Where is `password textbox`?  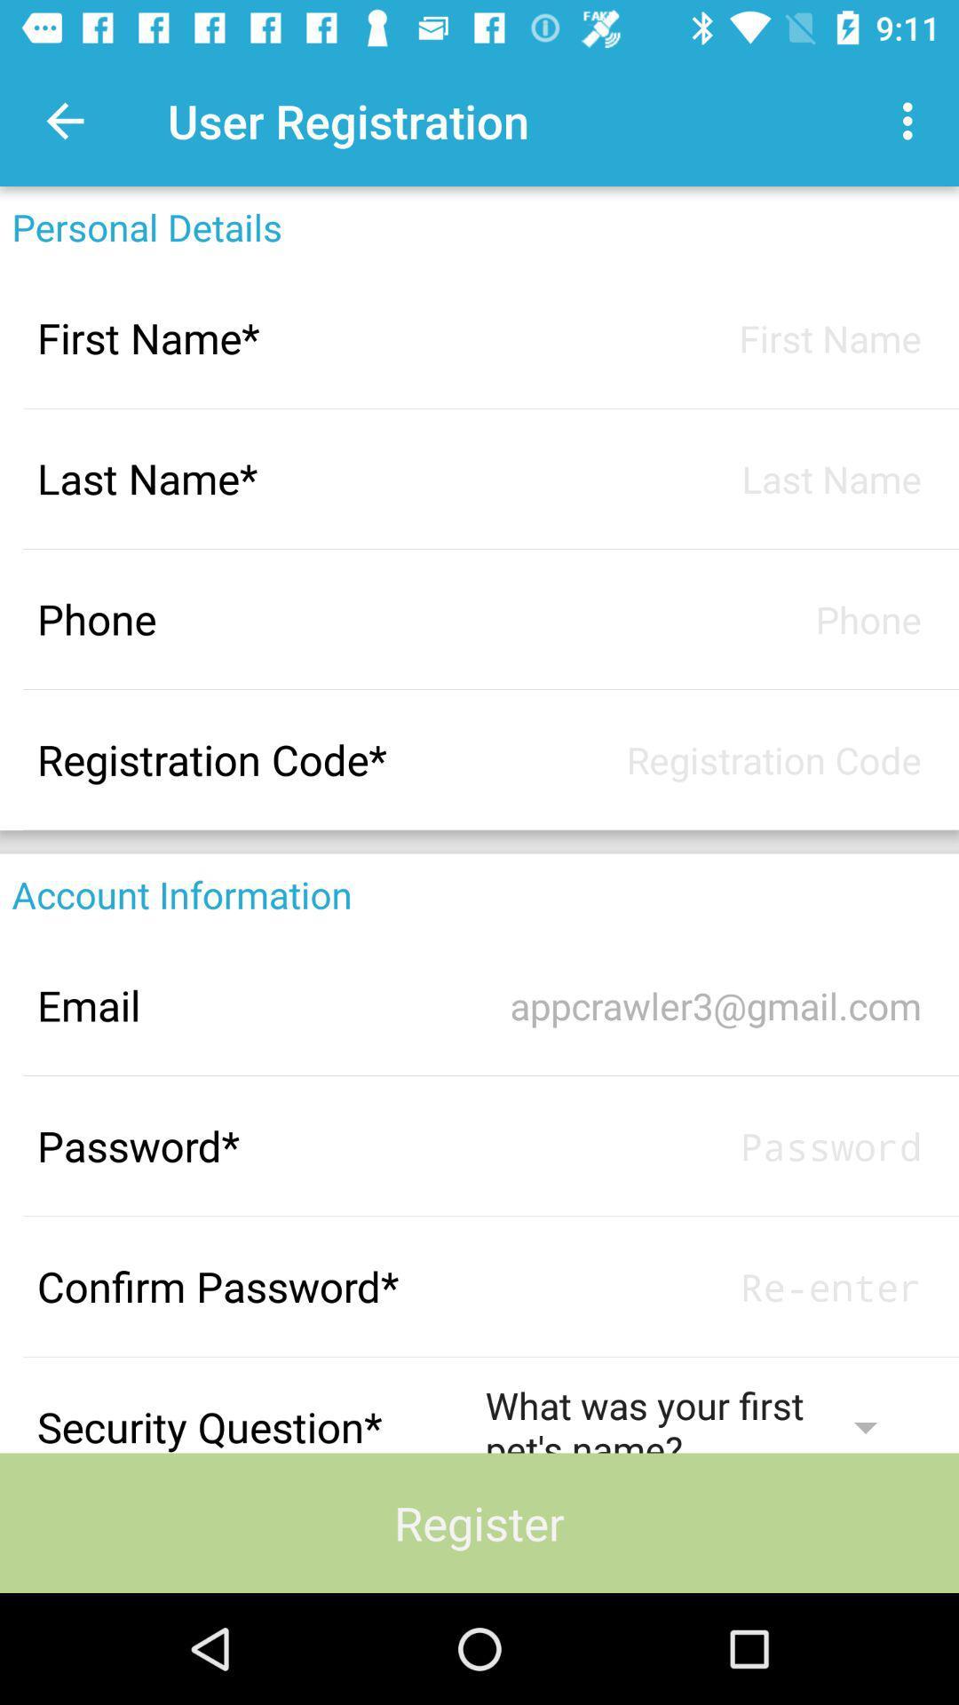 password textbox is located at coordinates (702, 1146).